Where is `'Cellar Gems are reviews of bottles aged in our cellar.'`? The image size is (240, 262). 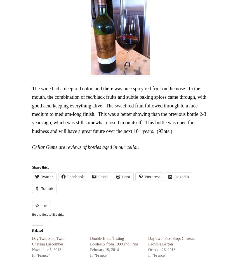 'Cellar Gems are reviews of bottles aged in our cellar.' is located at coordinates (85, 147).